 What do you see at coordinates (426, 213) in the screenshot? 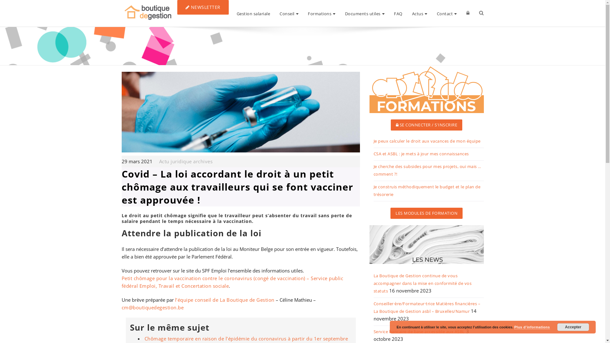
I see `'LES MODULES DE FORMATION'` at bounding box center [426, 213].